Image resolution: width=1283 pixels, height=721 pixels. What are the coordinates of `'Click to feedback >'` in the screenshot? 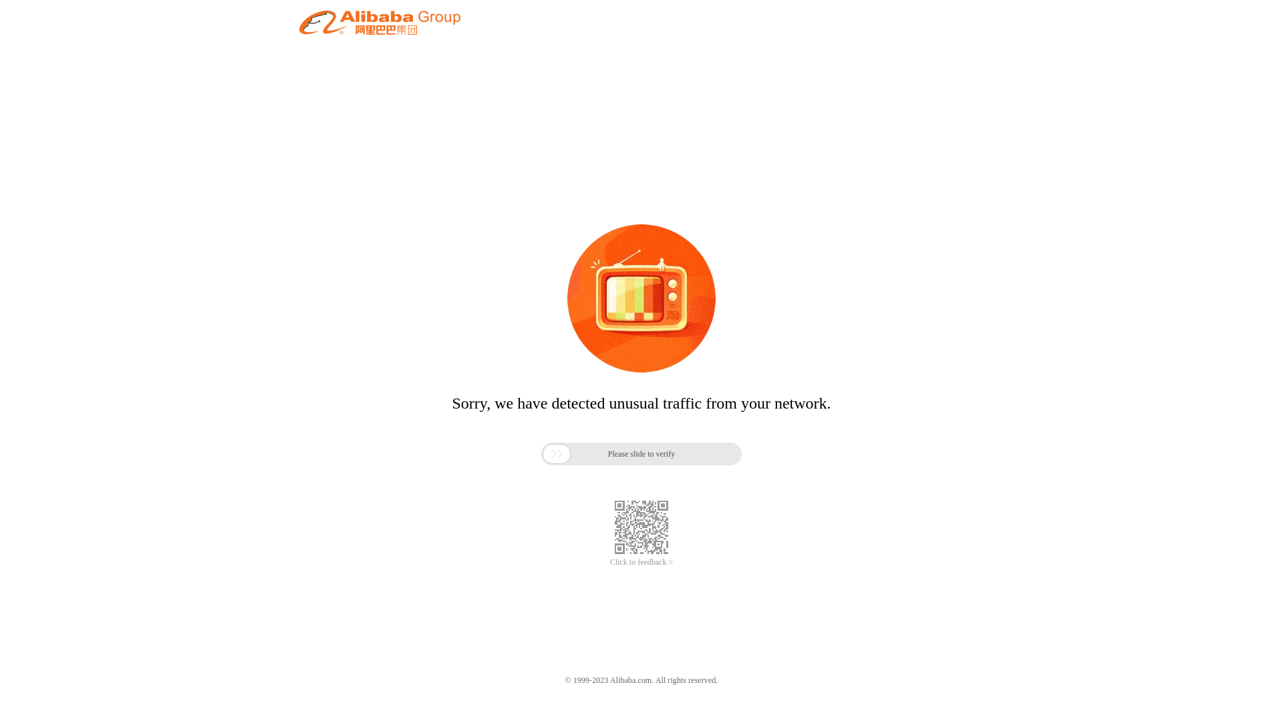 It's located at (641, 562).